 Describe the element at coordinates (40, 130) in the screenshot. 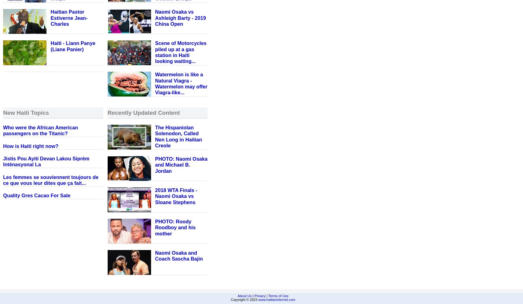

I see `'Who were the African American passengers on the Titanic?'` at that location.